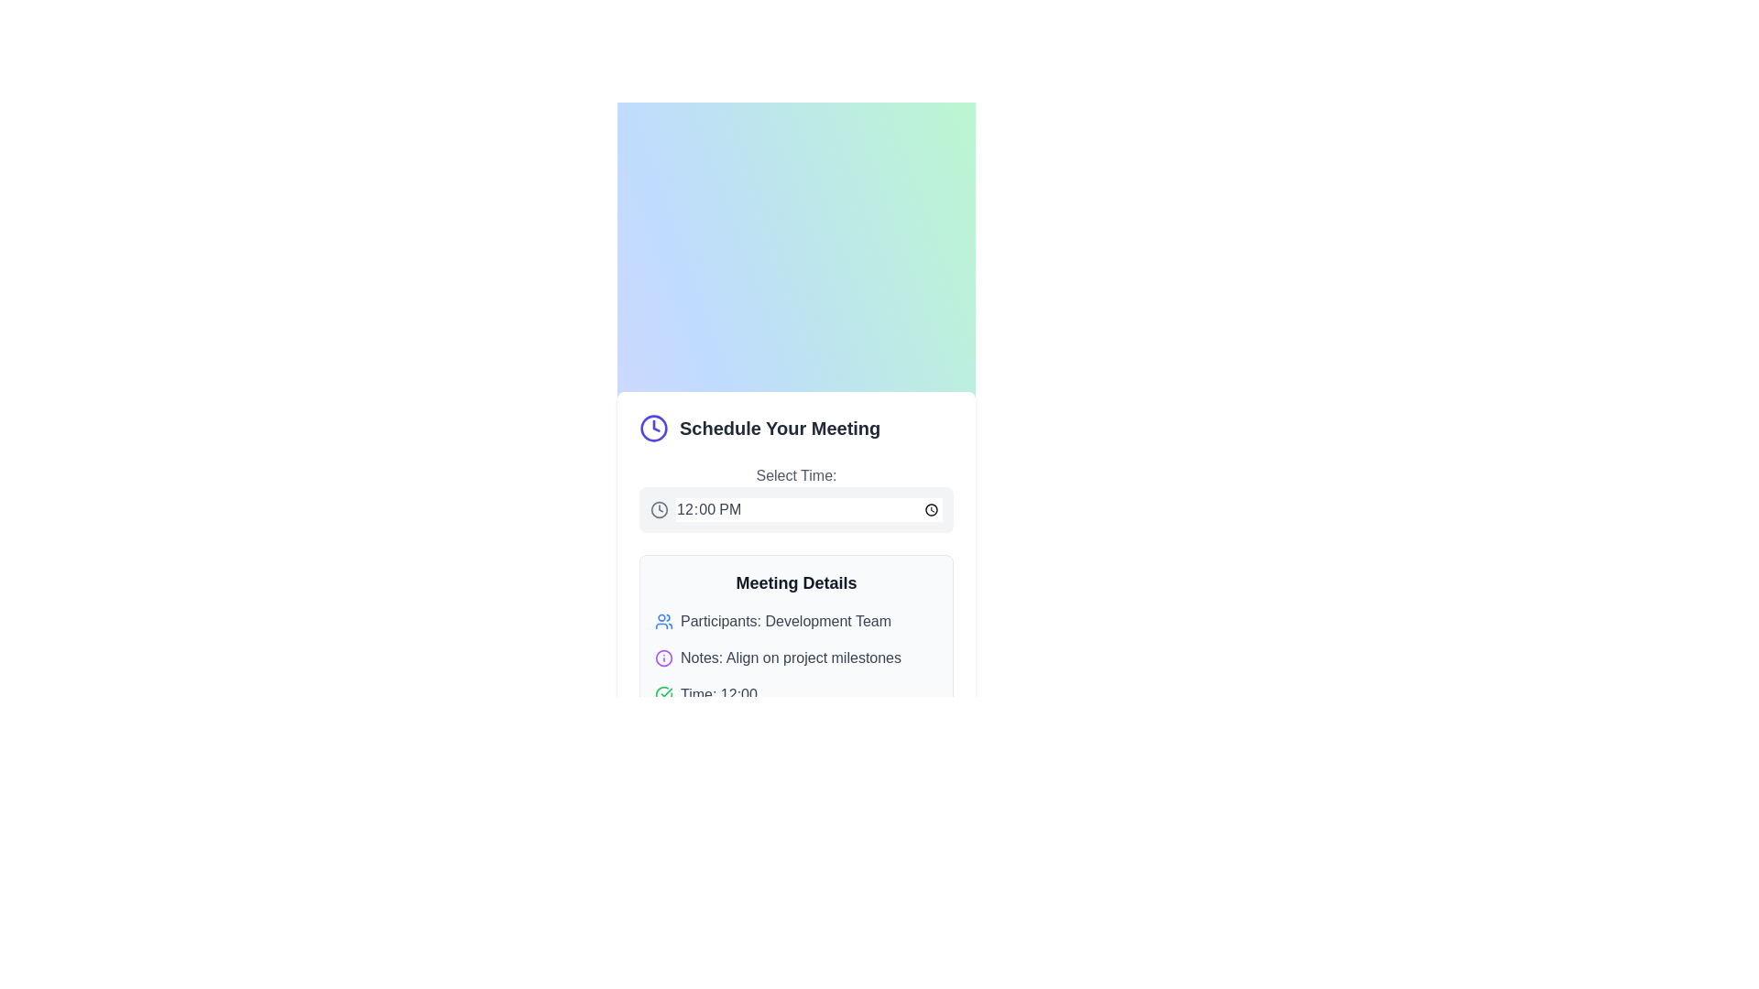  Describe the element at coordinates (660, 509) in the screenshot. I see `the clock icon, which is a gray circular outline with clock hands, located to the left of a time value text field` at that location.